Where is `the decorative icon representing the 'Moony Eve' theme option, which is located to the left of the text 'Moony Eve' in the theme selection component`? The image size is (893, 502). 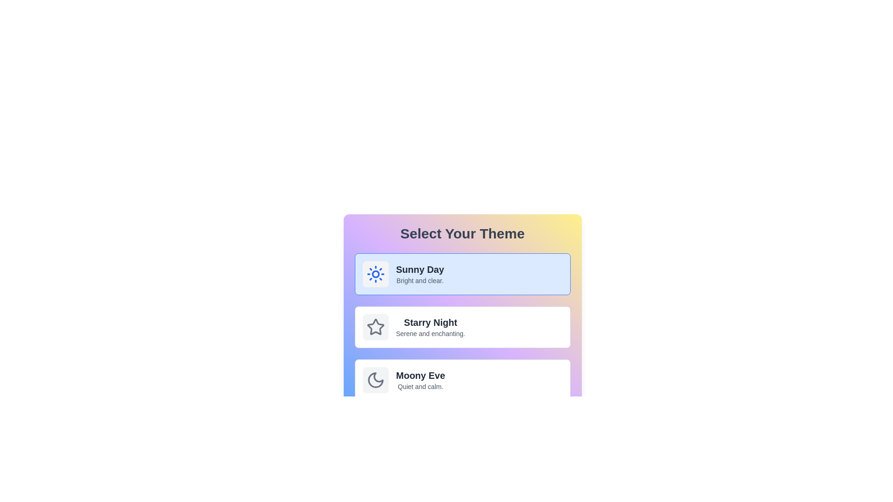 the decorative icon representing the 'Moony Eve' theme option, which is located to the left of the text 'Moony Eve' in the theme selection component is located at coordinates (375, 380).